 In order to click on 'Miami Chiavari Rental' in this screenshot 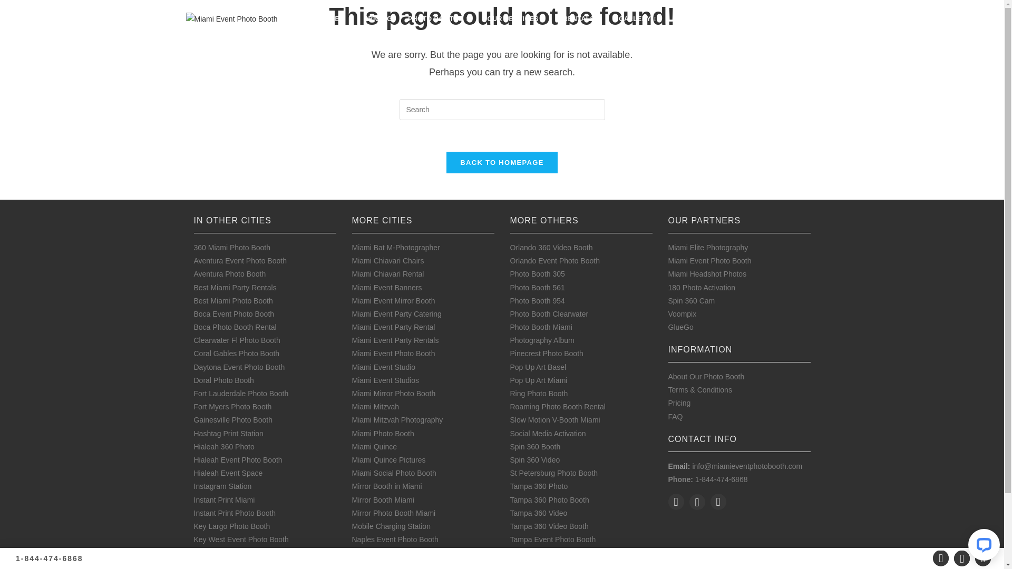, I will do `click(387, 273)`.